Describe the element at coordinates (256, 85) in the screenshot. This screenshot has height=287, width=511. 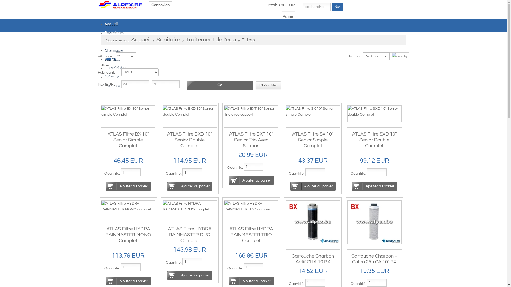
I see `'RAZ du filtre'` at that location.